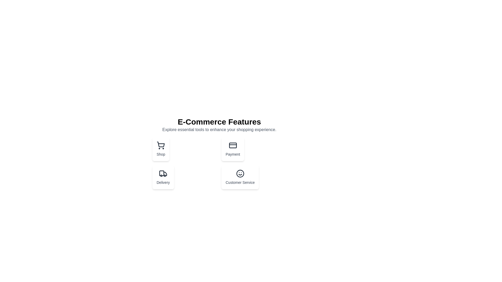 This screenshot has height=282, width=502. What do you see at coordinates (163, 182) in the screenshot?
I see `the text label reading 'Delivery' which is styled in medium gray and positioned below the truck icon in the 'Delivery' section` at bounding box center [163, 182].